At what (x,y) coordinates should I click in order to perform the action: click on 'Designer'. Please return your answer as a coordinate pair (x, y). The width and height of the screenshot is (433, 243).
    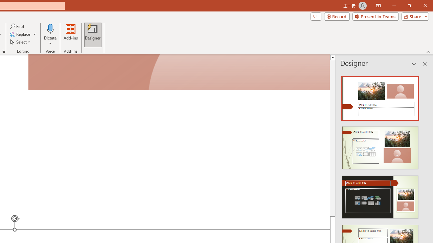
    Looking at the image, I should click on (92, 35).